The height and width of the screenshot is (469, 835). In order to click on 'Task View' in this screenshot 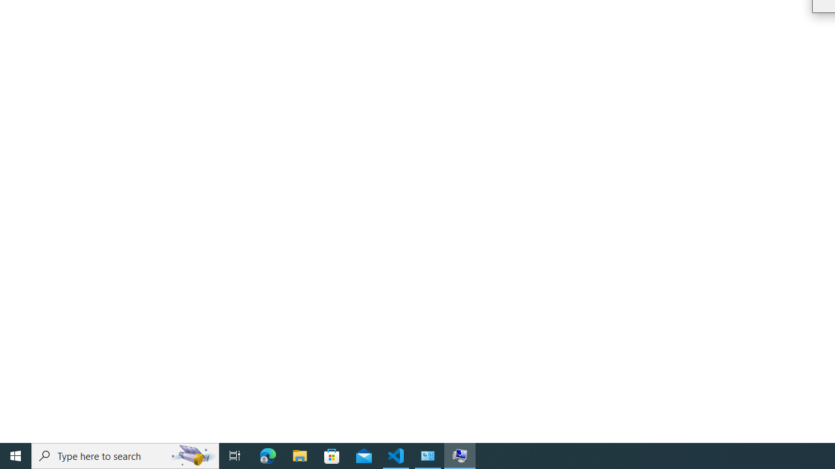, I will do `click(234, 455)`.